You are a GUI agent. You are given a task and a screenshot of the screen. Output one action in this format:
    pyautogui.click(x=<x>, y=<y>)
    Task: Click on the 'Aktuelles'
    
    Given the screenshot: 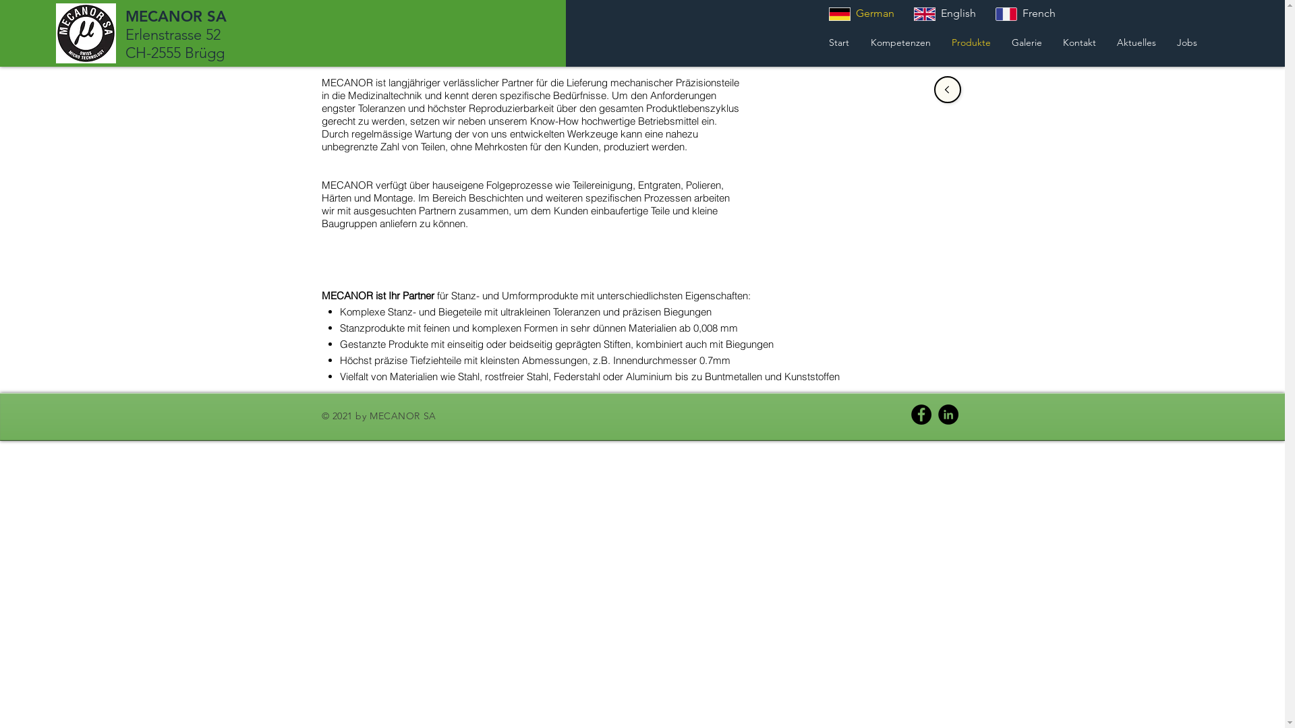 What is the action you would take?
    pyautogui.click(x=1135, y=41)
    